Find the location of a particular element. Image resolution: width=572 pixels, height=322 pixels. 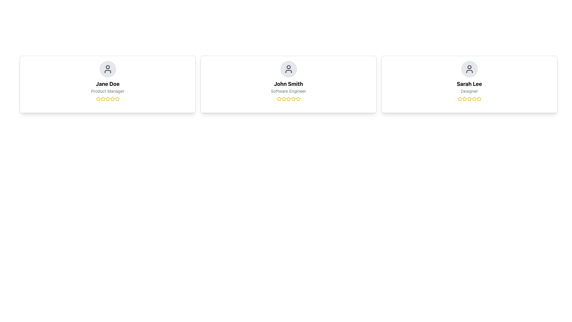

the third star-shaped icon with a golden-yellow color in the rating section under 'John Smith' and 'Software Engineer' is located at coordinates (293, 98).